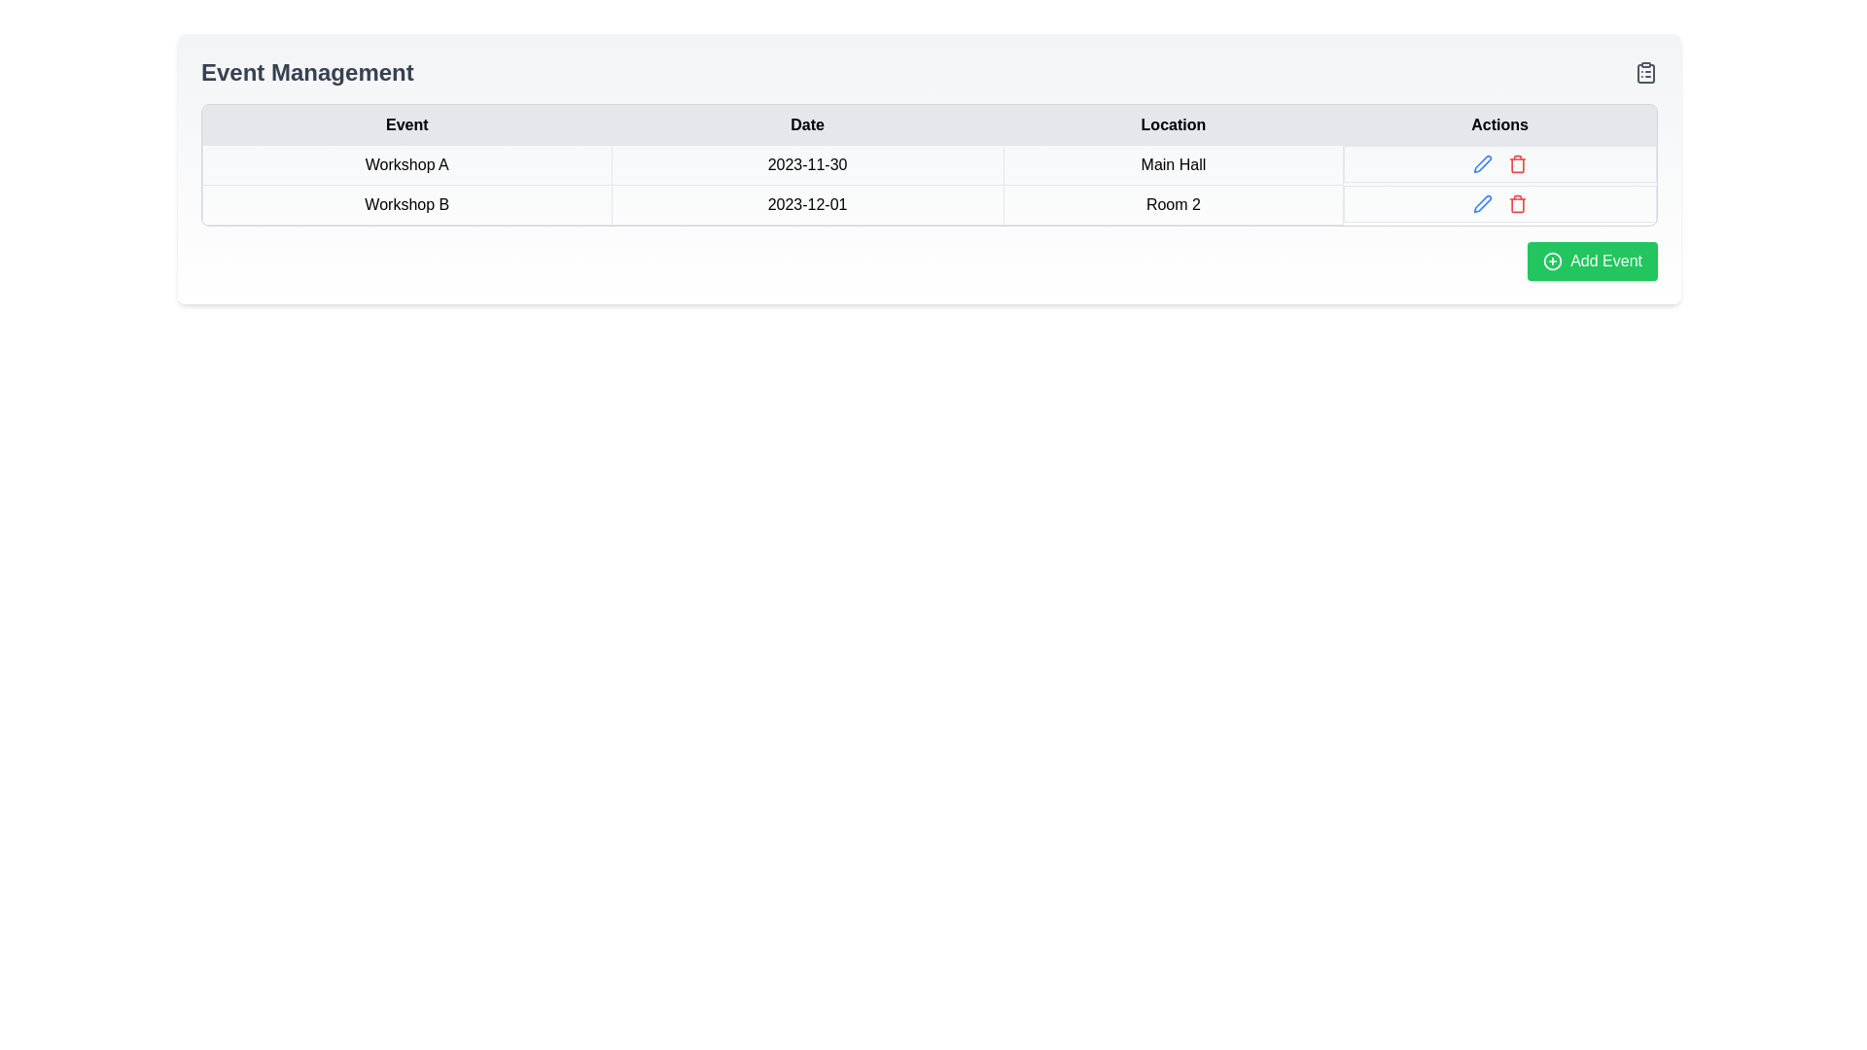 Image resolution: width=1867 pixels, height=1050 pixels. Describe the element at coordinates (1481, 163) in the screenshot. I see `the edit icon button located in the 'Actions' column of the second row of the table` at that location.